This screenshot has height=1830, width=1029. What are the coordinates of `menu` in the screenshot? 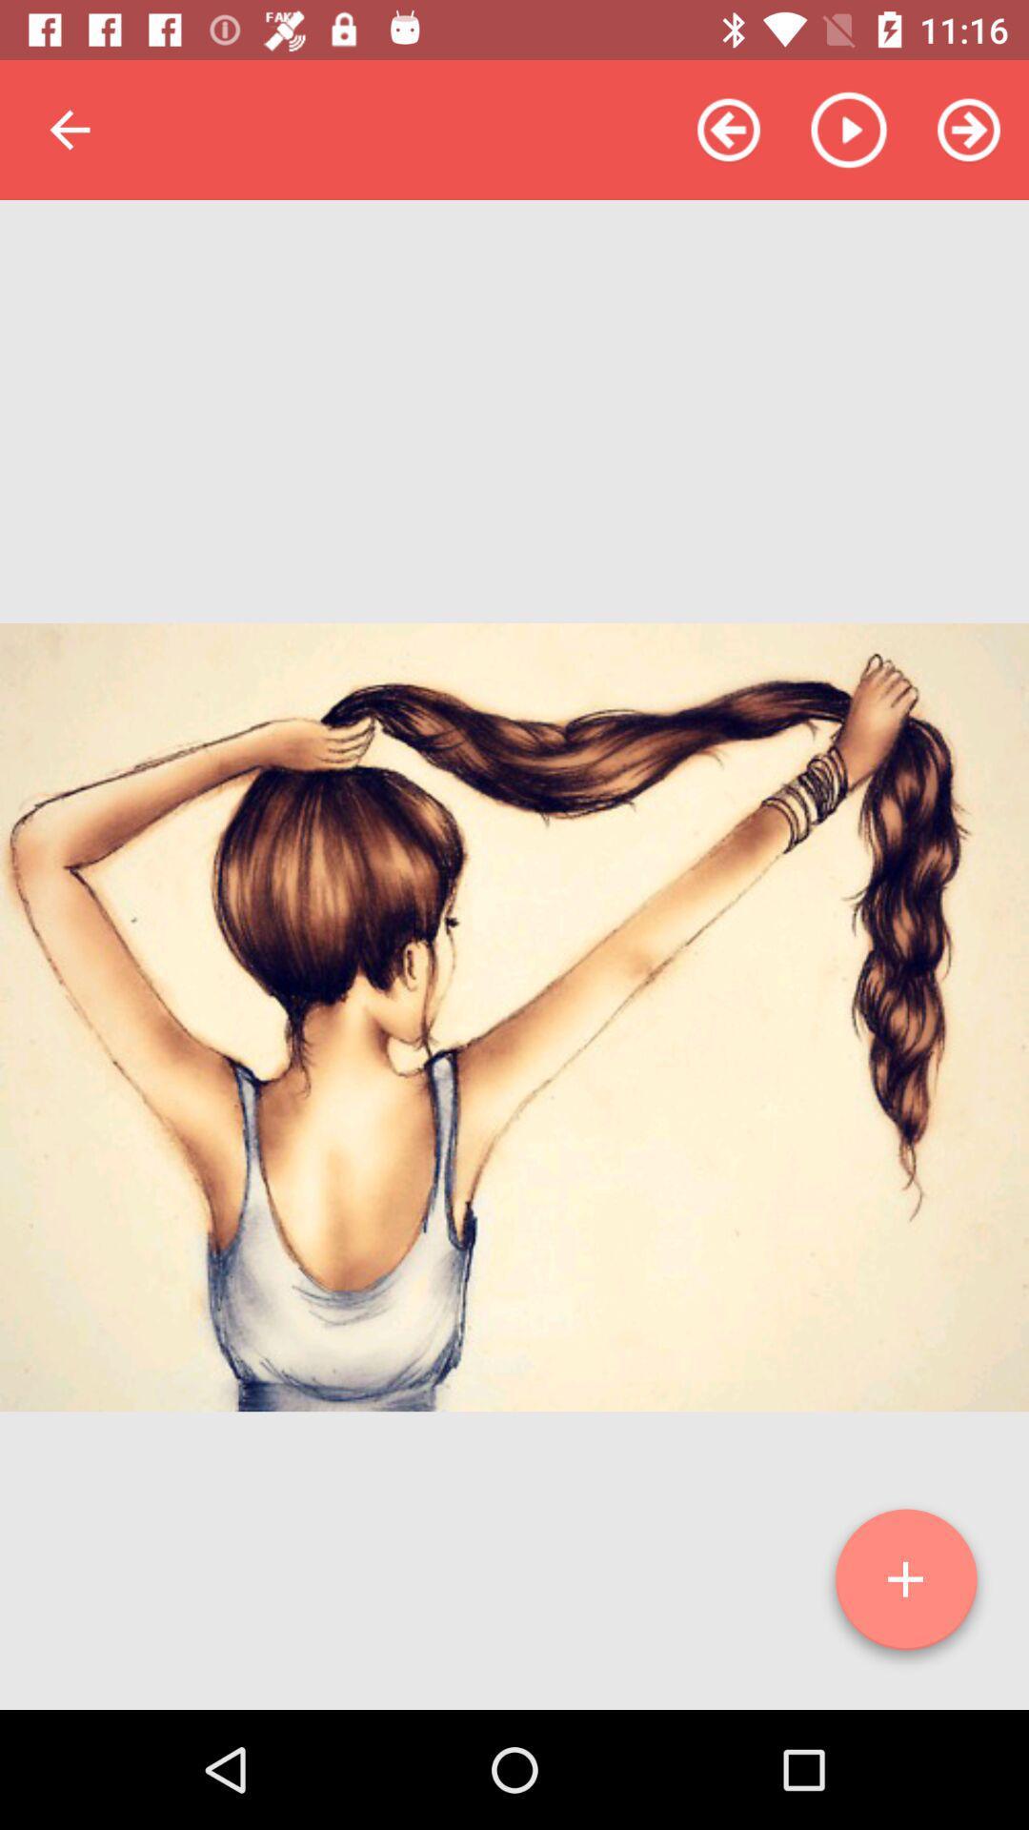 It's located at (905, 1587).